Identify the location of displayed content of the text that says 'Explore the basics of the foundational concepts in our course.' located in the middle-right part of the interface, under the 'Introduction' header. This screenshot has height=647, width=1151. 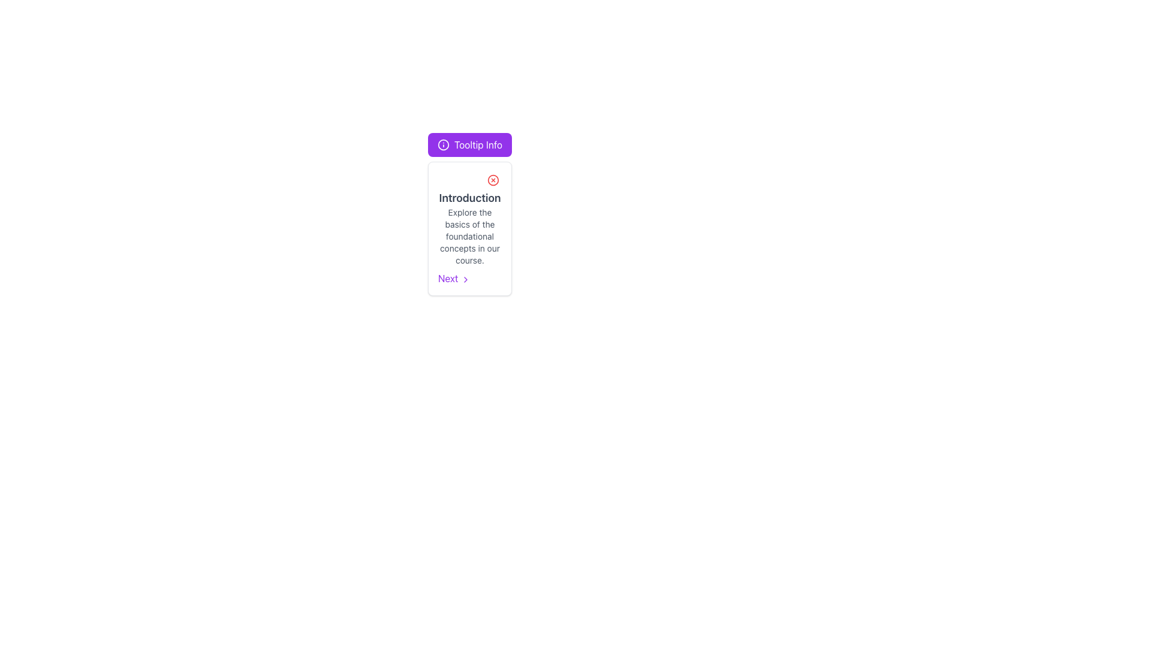
(469, 236).